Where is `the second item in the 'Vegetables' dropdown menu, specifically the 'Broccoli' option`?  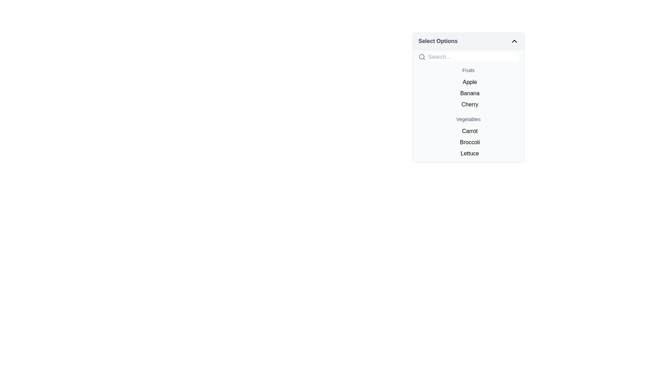 the second item in the 'Vegetables' dropdown menu, specifically the 'Broccoli' option is located at coordinates (470, 142).